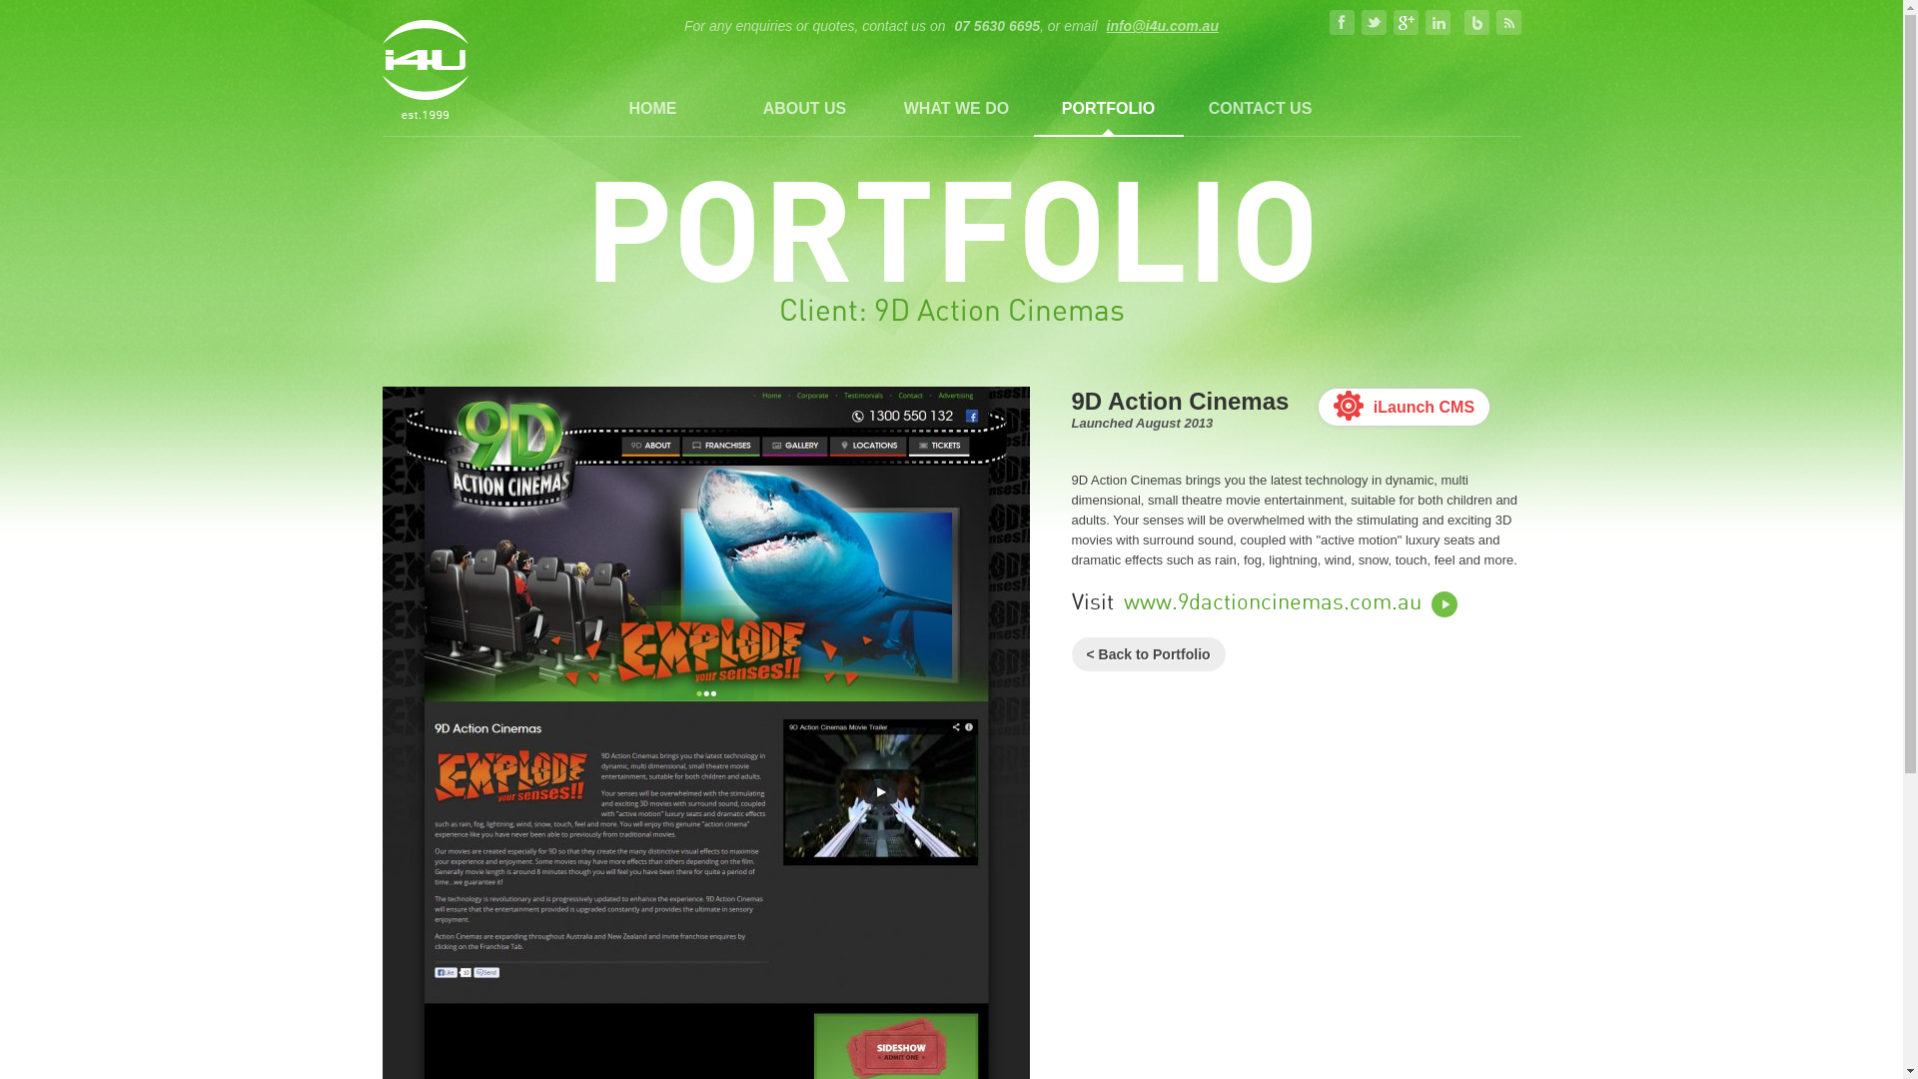 The image size is (1918, 1079). I want to click on 'ABOUT US', so click(804, 108).